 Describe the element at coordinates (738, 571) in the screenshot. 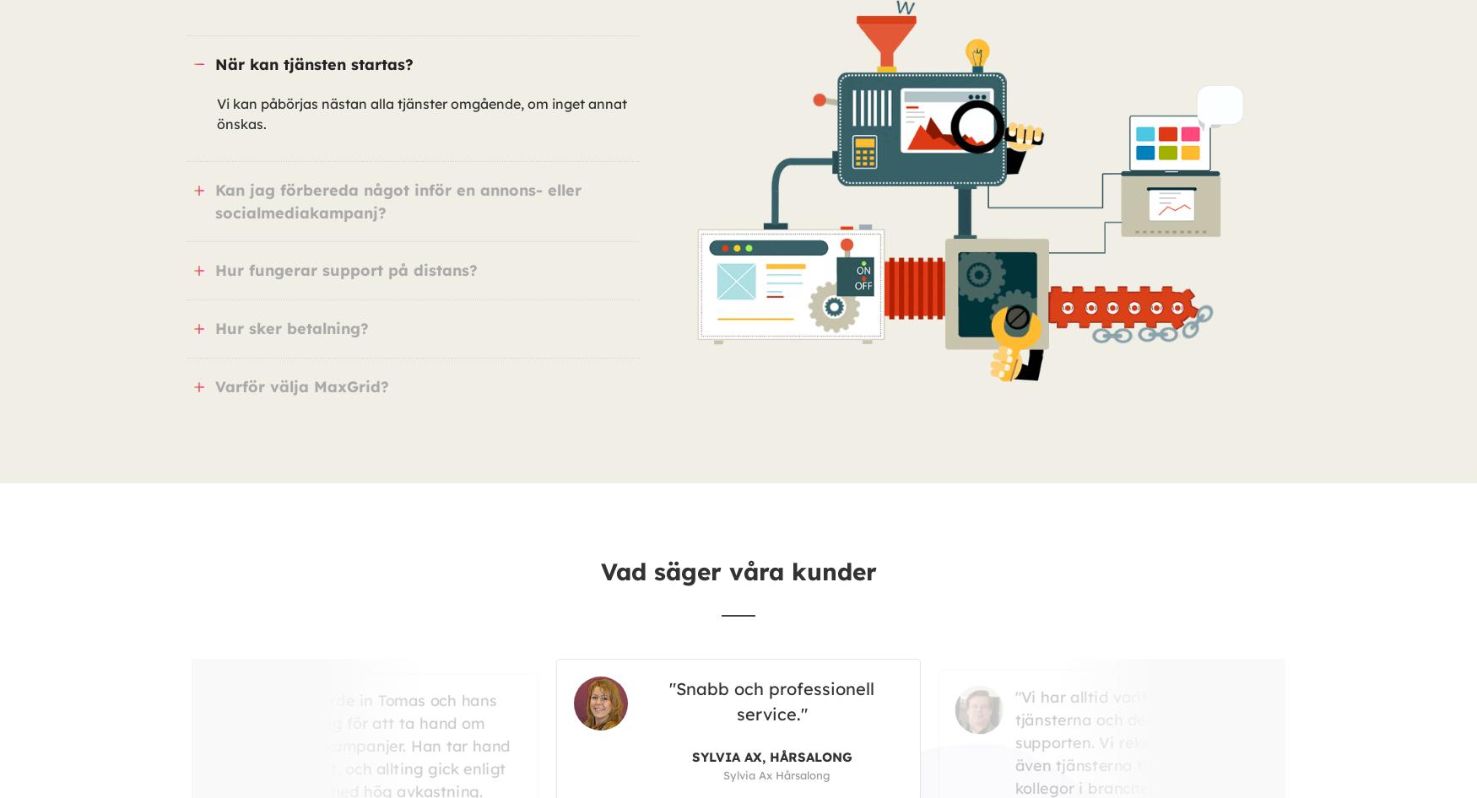

I see `'Vad säger våra kunder'` at that location.